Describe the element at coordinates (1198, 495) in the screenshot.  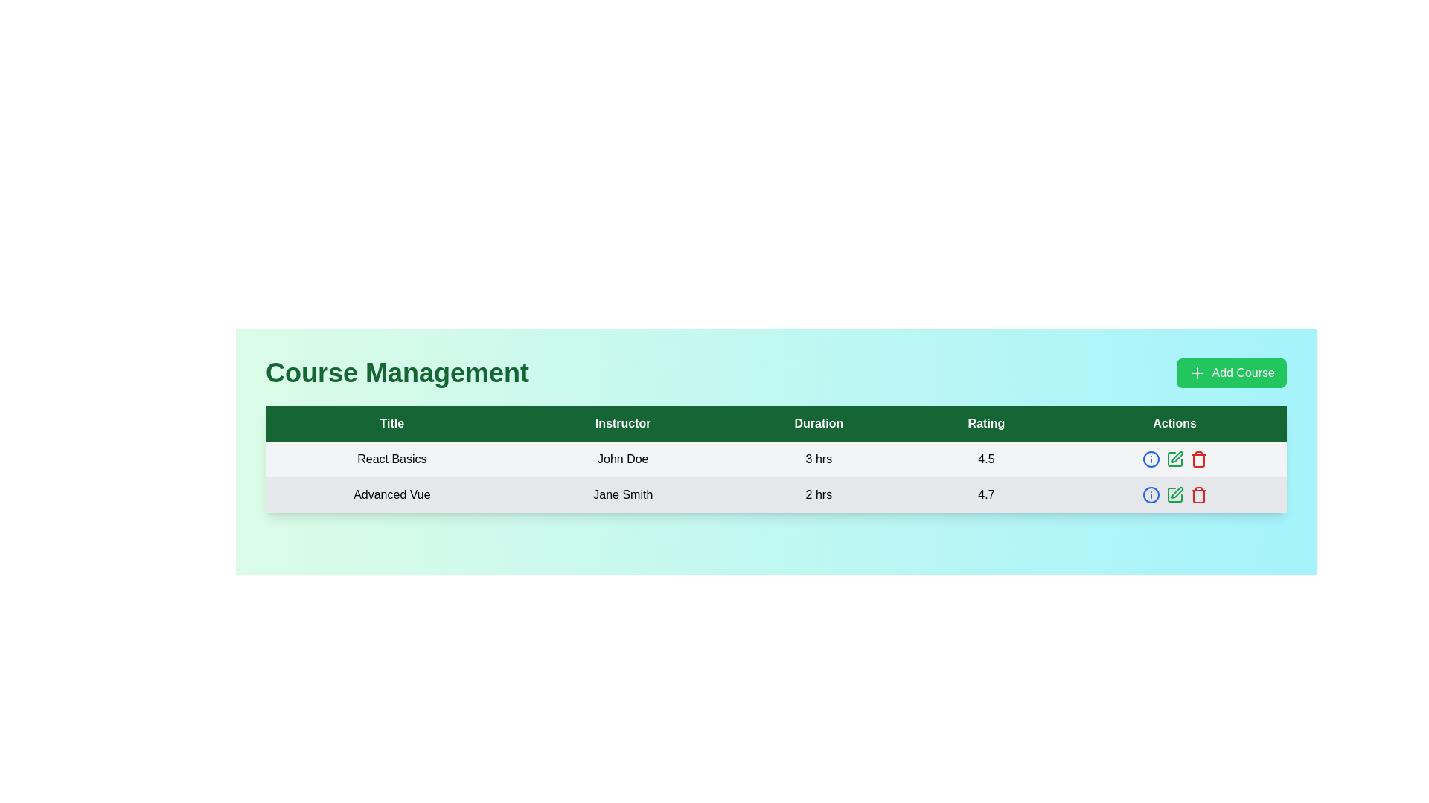
I see `the delete button located in the 'Actions' column of the second row in the table layout` at that location.